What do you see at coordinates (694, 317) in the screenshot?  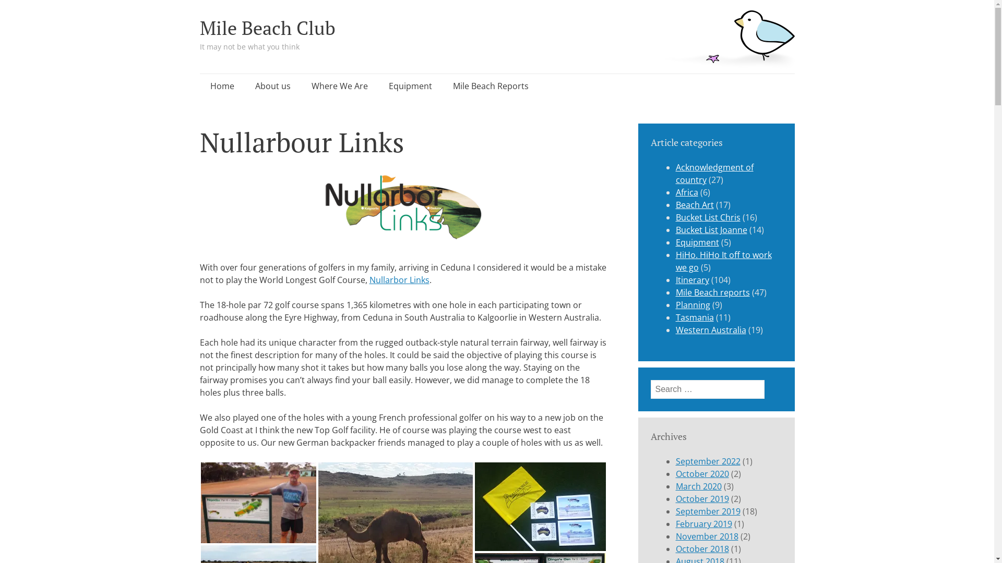 I see `'Tasmania'` at bounding box center [694, 317].